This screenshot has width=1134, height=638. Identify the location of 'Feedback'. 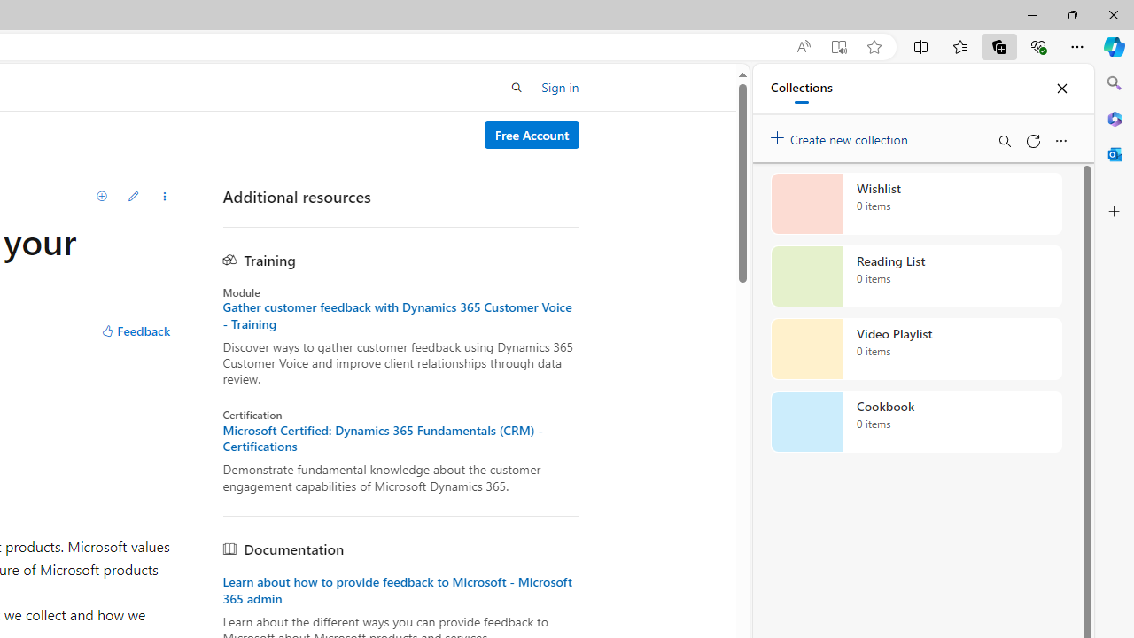
(134, 331).